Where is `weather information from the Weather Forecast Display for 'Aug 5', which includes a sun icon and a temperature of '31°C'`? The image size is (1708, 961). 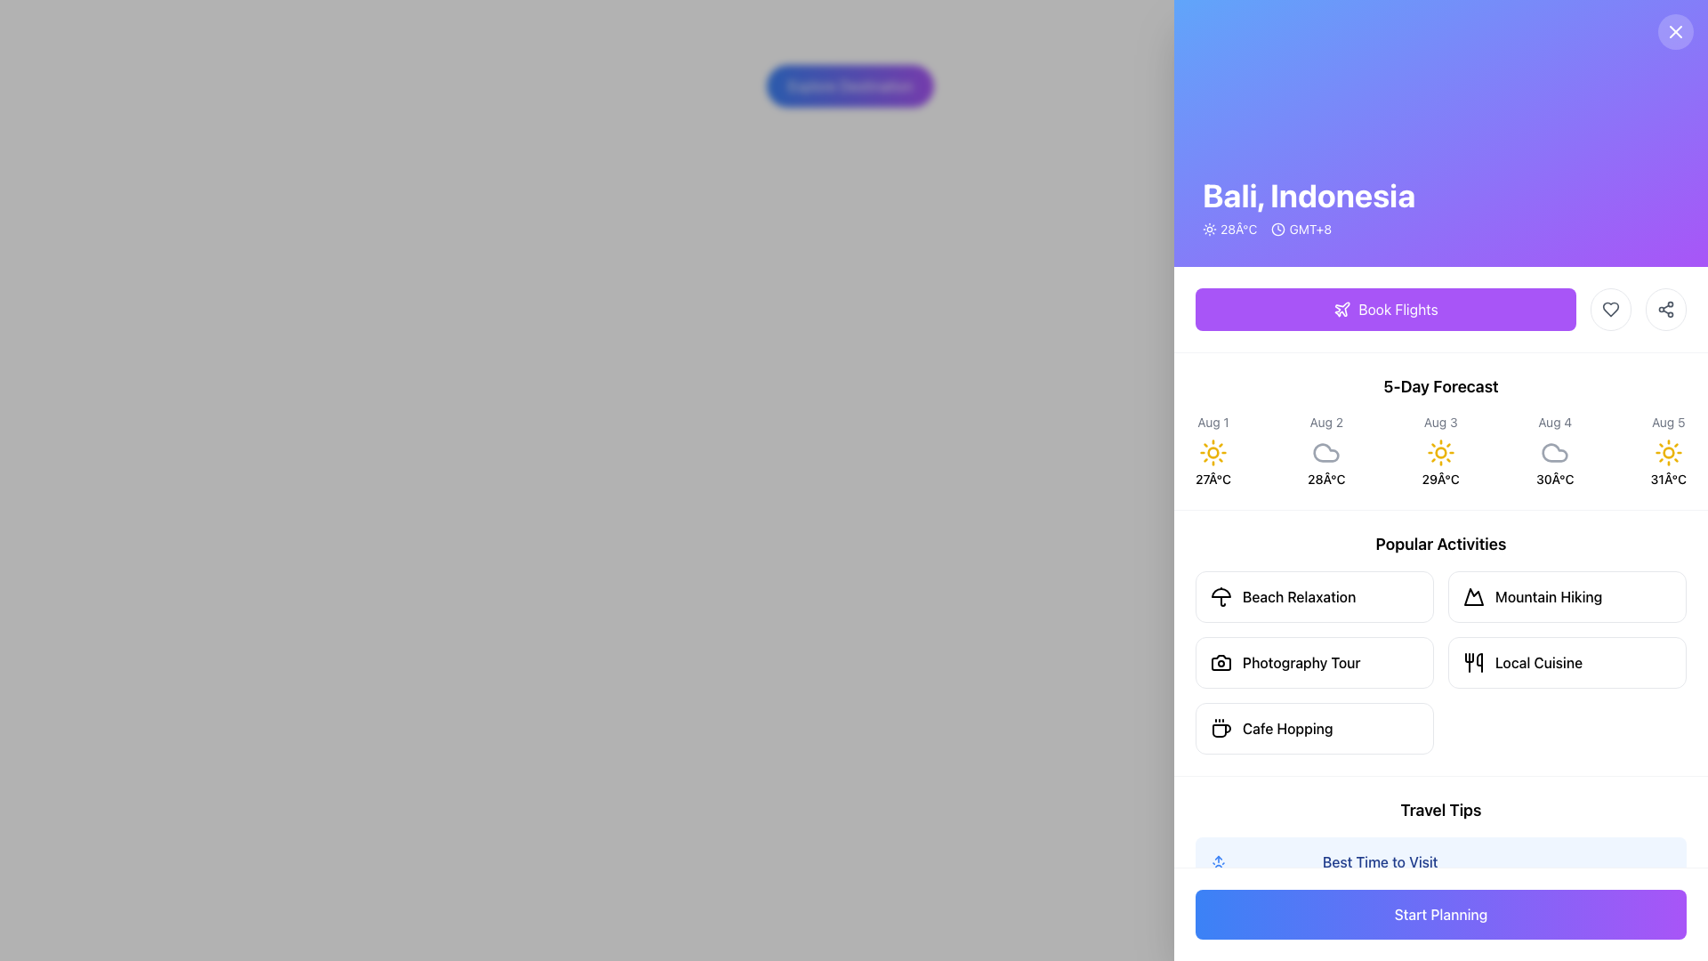 weather information from the Weather Forecast Display for 'Aug 5', which includes a sun icon and a temperature of '31°C' is located at coordinates (1667, 449).